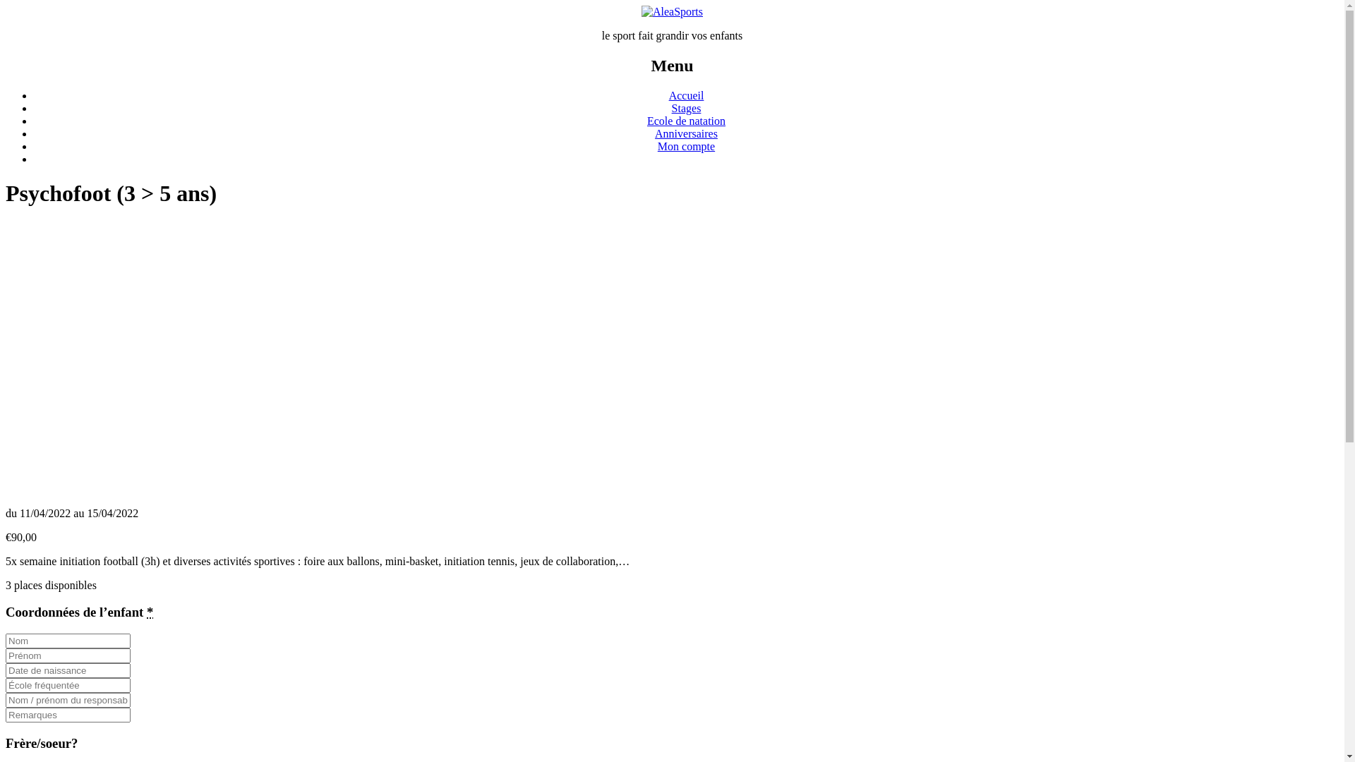 The image size is (1355, 762). What do you see at coordinates (646, 120) in the screenshot?
I see `'Ecole de natation'` at bounding box center [646, 120].